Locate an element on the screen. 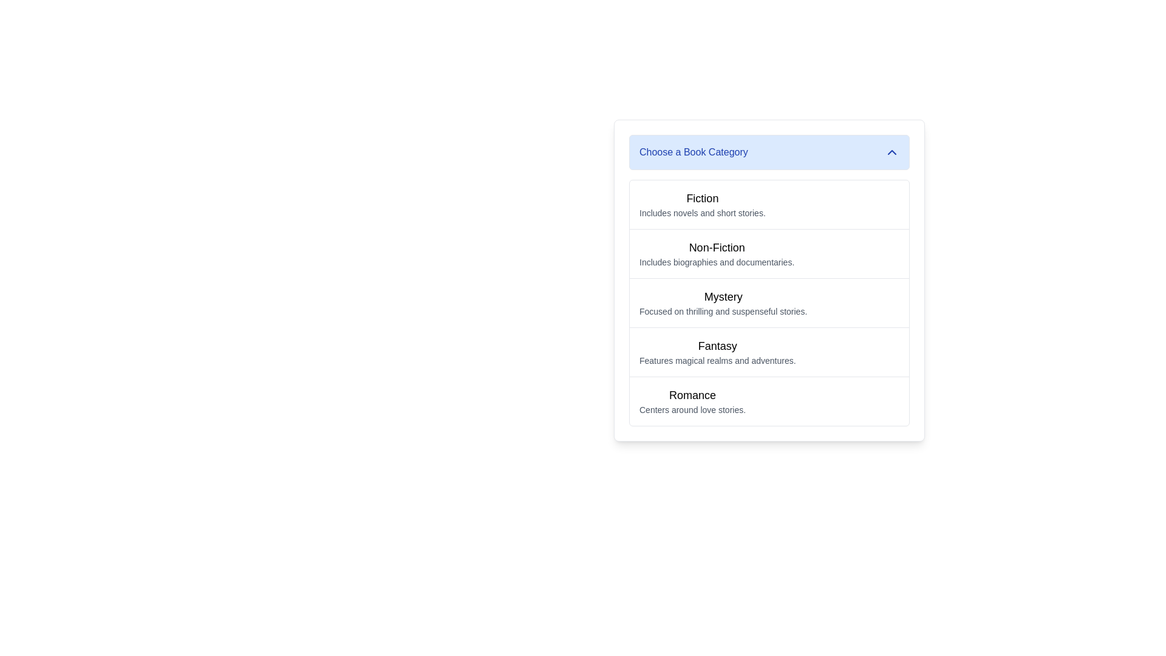 Image resolution: width=1166 pixels, height=656 pixels. assistive tools is located at coordinates (717, 262).